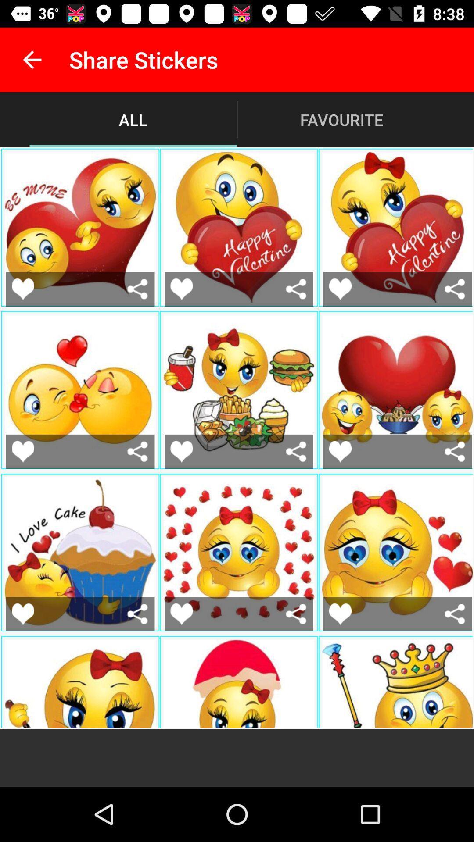 Image resolution: width=474 pixels, height=842 pixels. I want to click on the emoji with fast food sticker, so click(181, 451).